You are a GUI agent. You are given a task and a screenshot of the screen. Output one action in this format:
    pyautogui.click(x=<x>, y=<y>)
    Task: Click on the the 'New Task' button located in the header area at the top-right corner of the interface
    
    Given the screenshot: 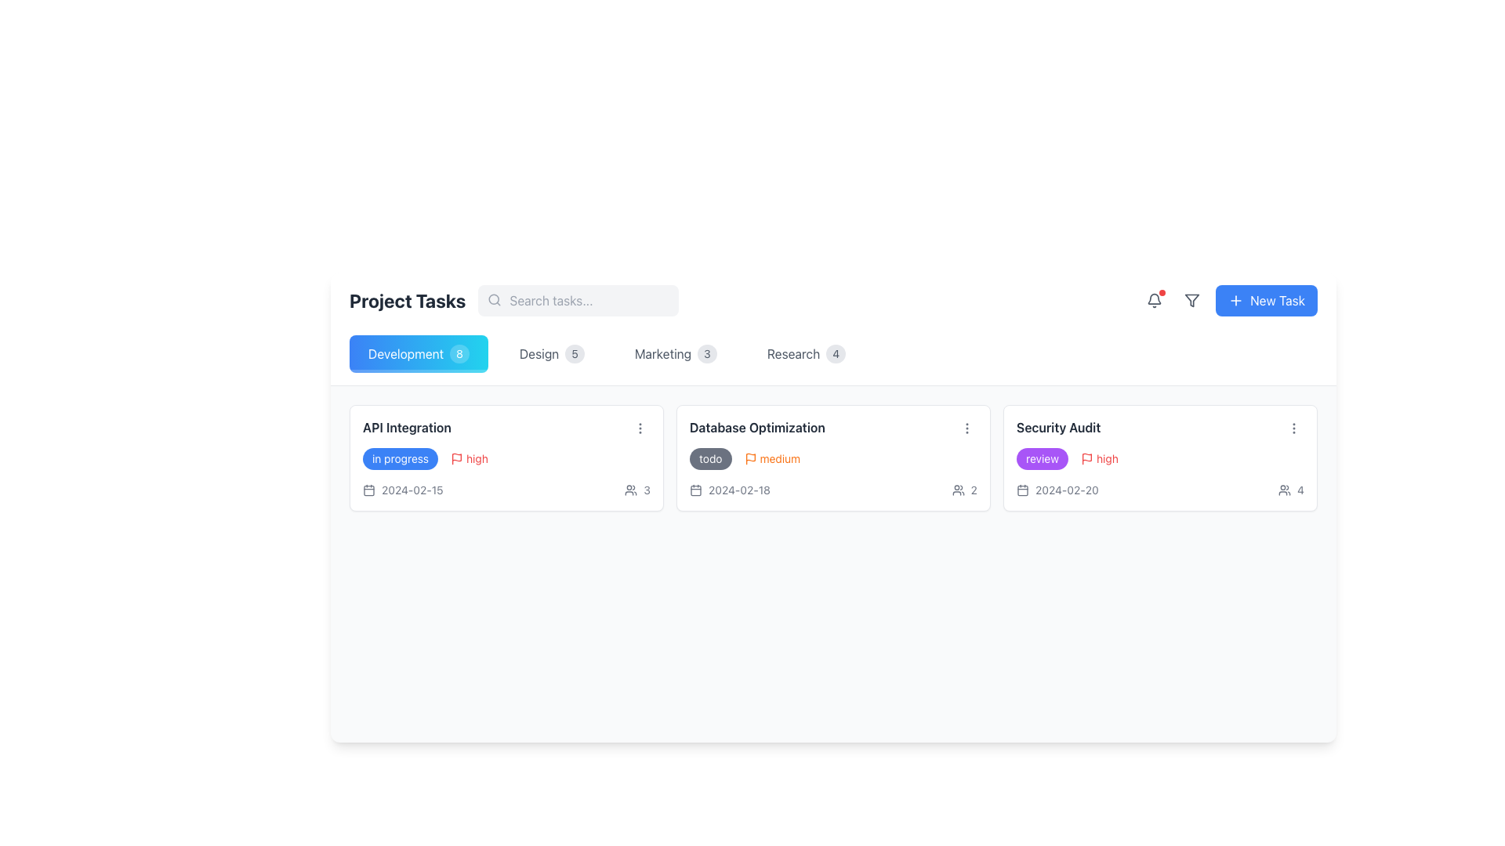 What is the action you would take?
    pyautogui.click(x=1278, y=301)
    